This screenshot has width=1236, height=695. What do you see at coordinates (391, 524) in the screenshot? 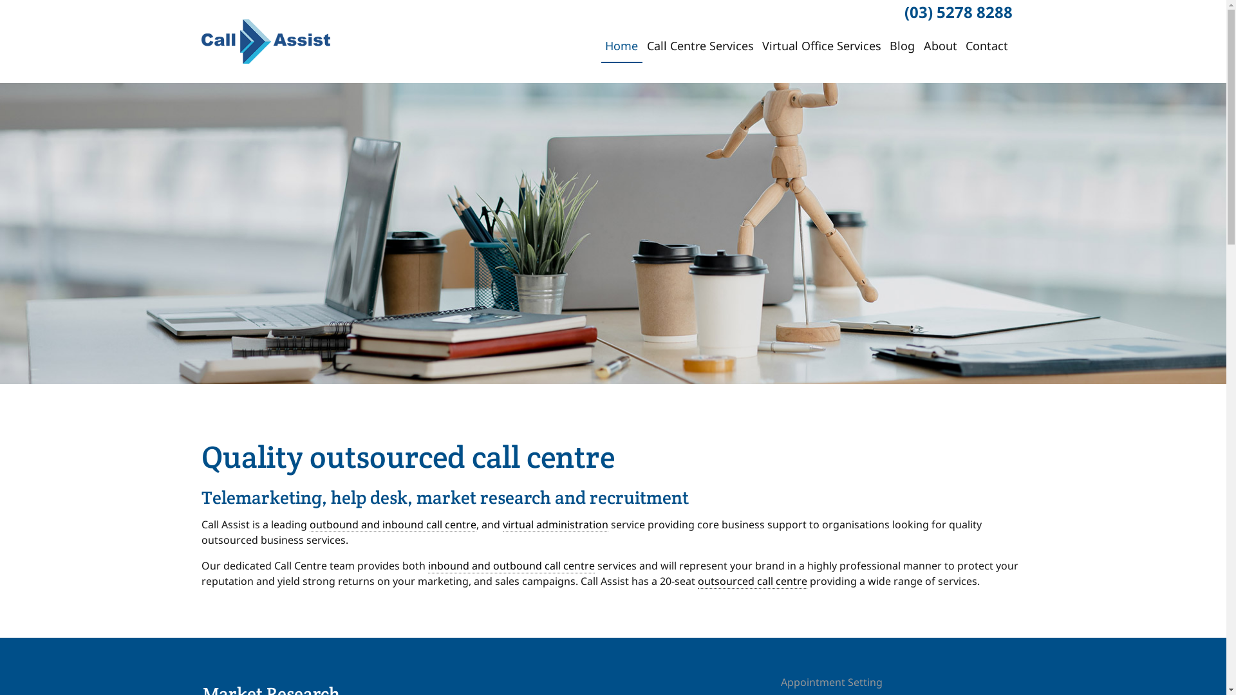
I see `'outbound and inbound call centre'` at bounding box center [391, 524].